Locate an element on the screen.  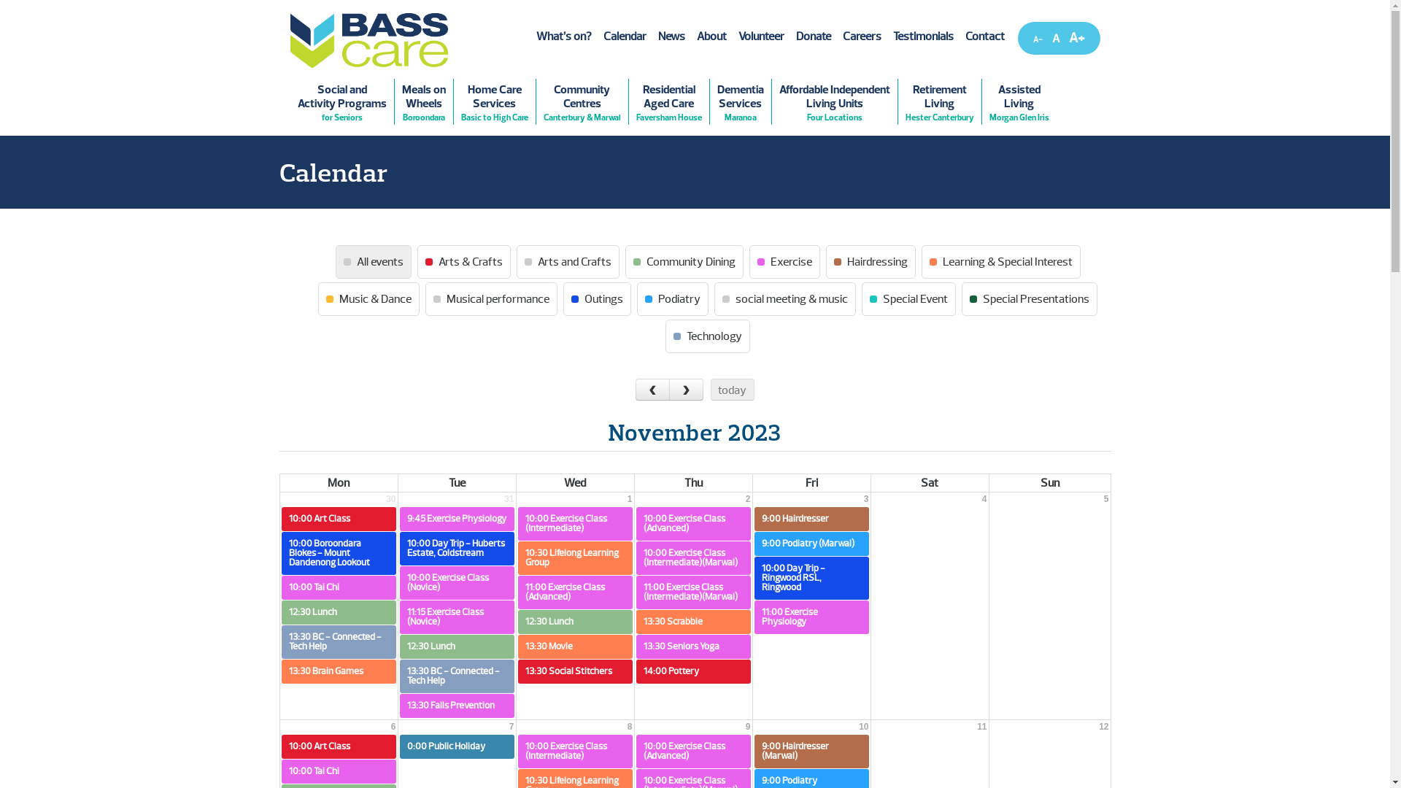
'9:45 Exercise Physiology is located at coordinates (456, 518).